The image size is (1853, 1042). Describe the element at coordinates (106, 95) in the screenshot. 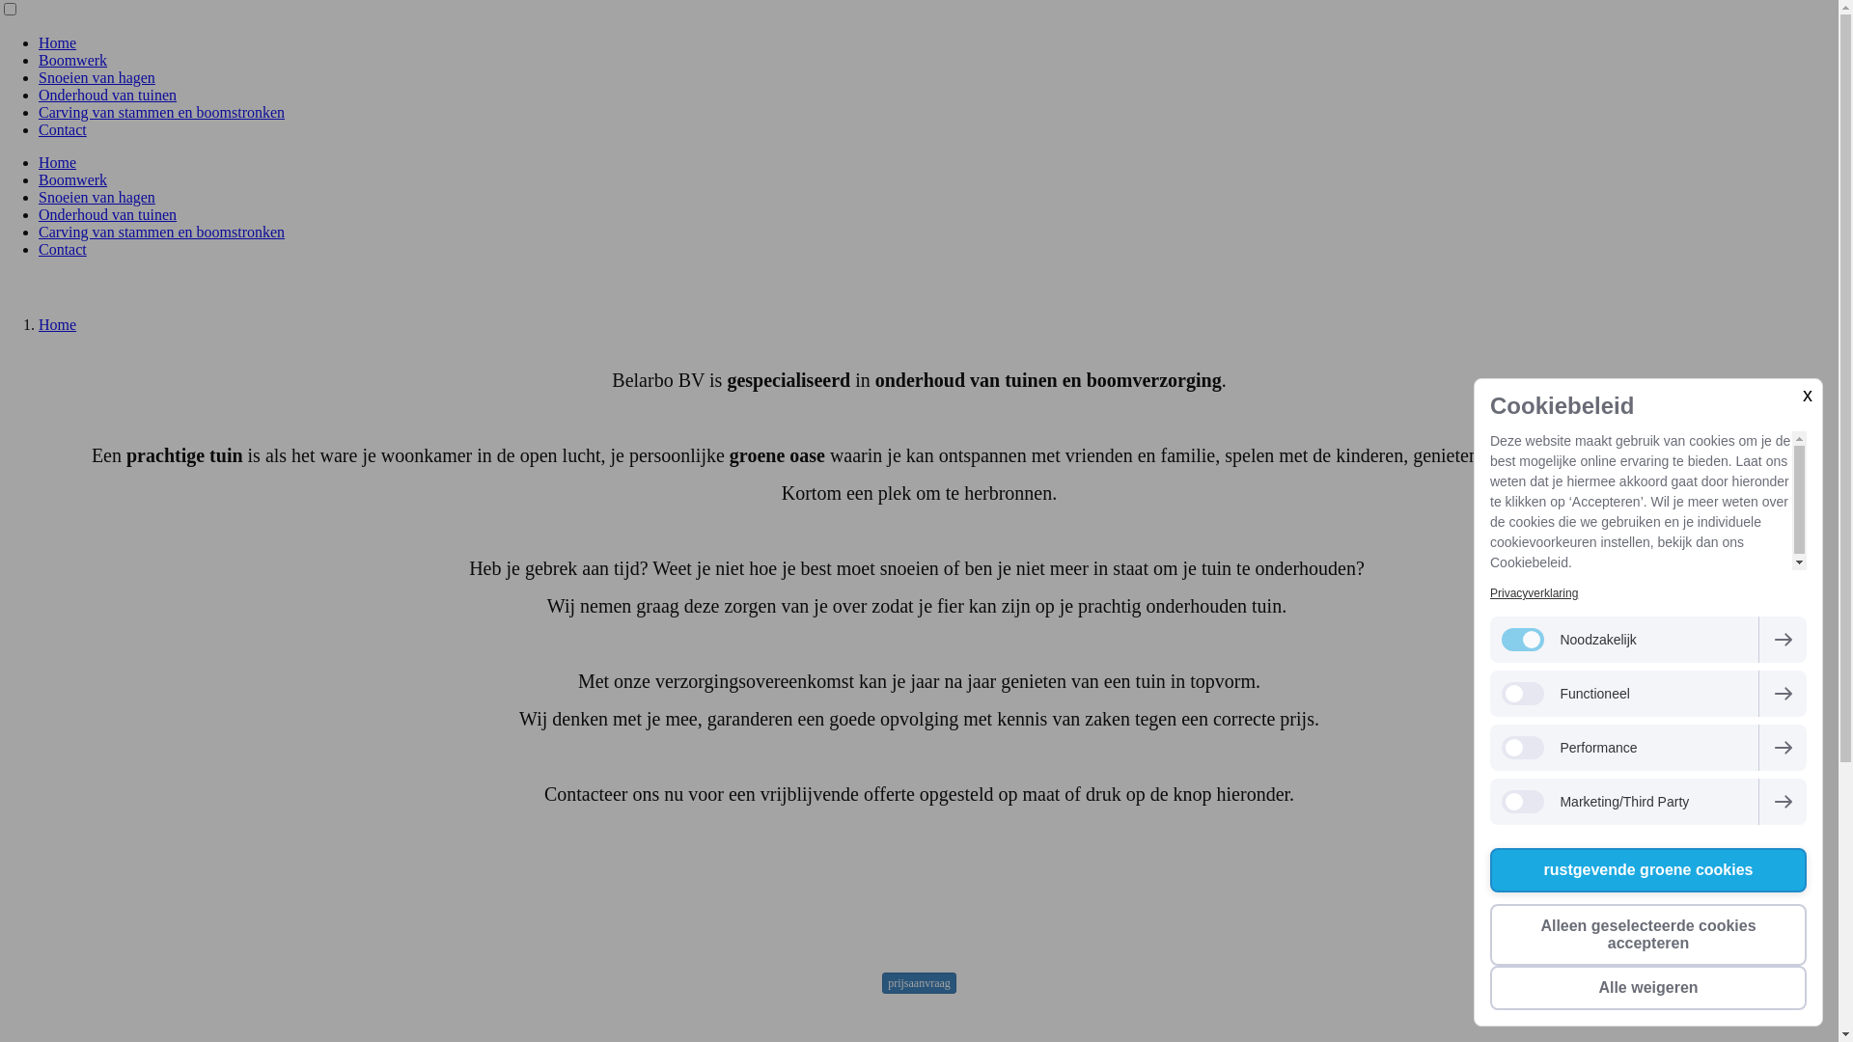

I see `'Onderhoud van tuinen'` at that location.